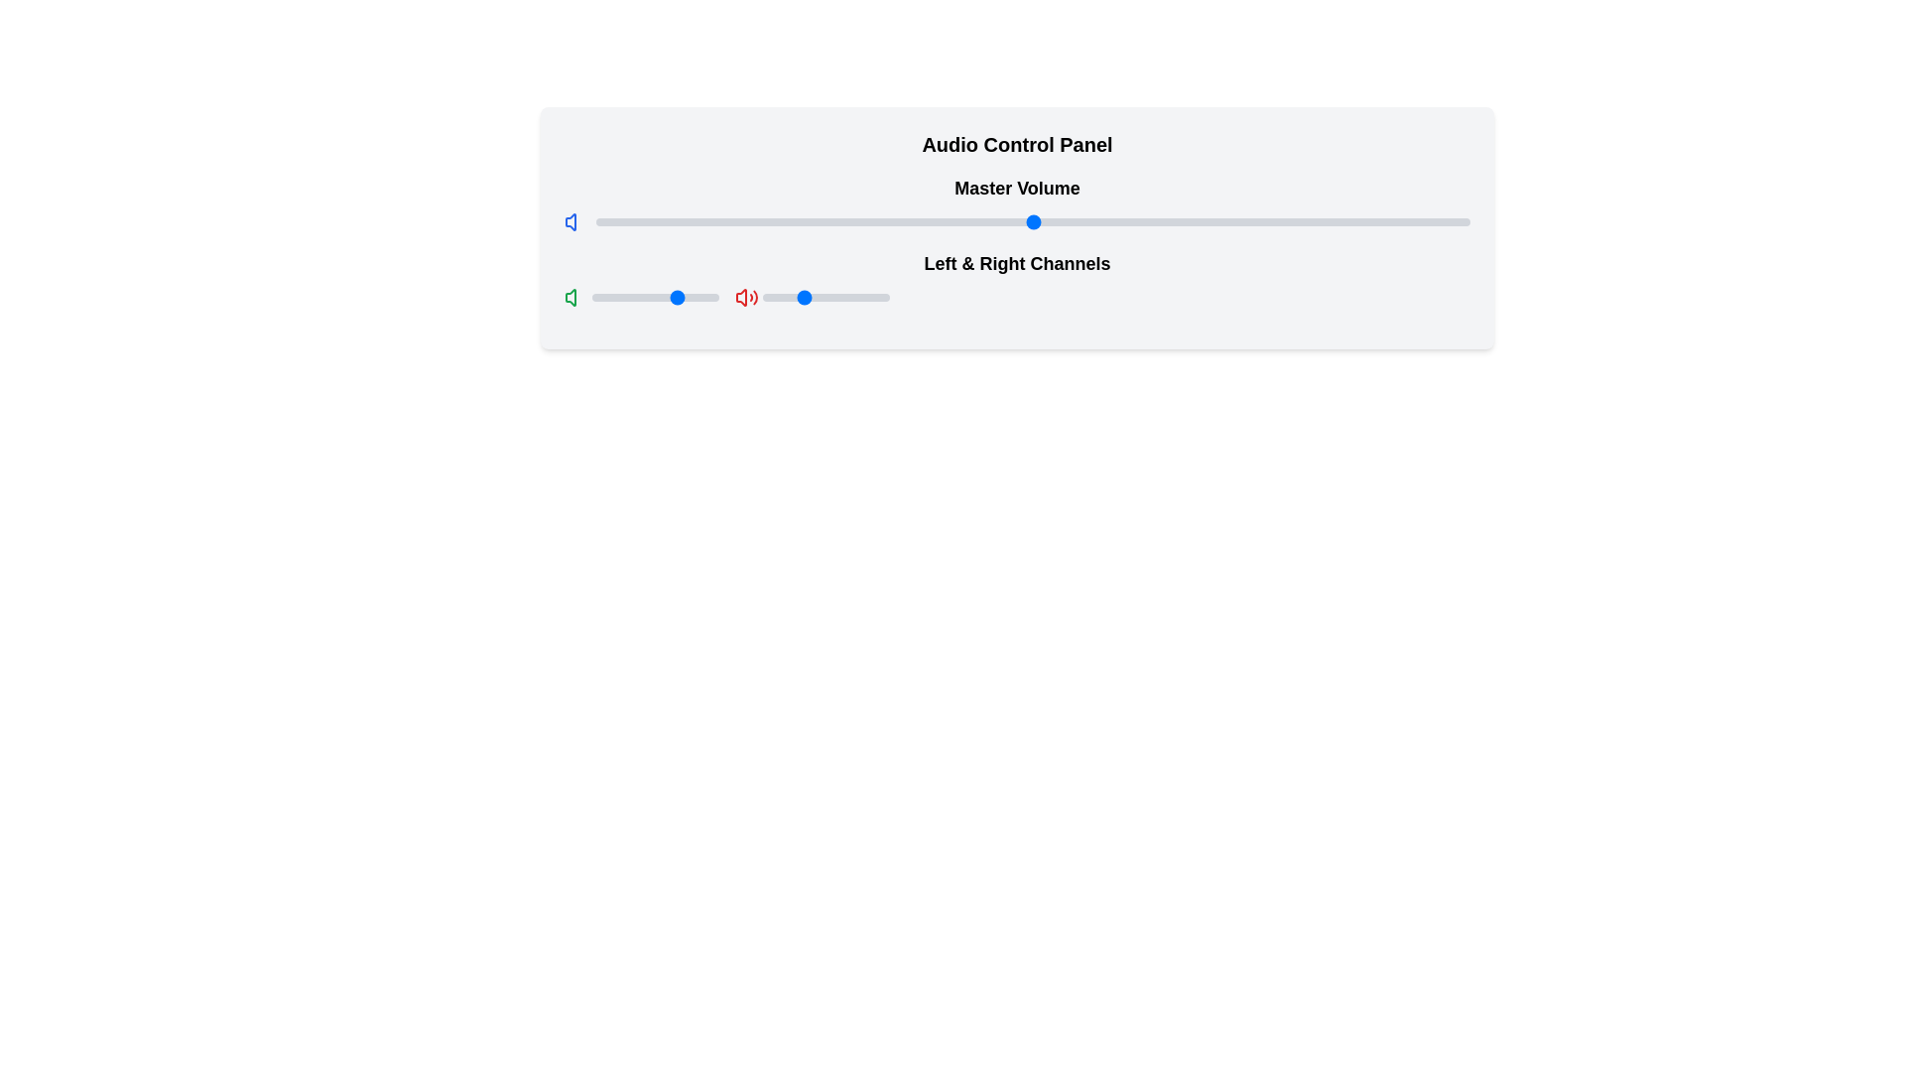  What do you see at coordinates (1155, 221) in the screenshot?
I see `the master volume level` at bounding box center [1155, 221].